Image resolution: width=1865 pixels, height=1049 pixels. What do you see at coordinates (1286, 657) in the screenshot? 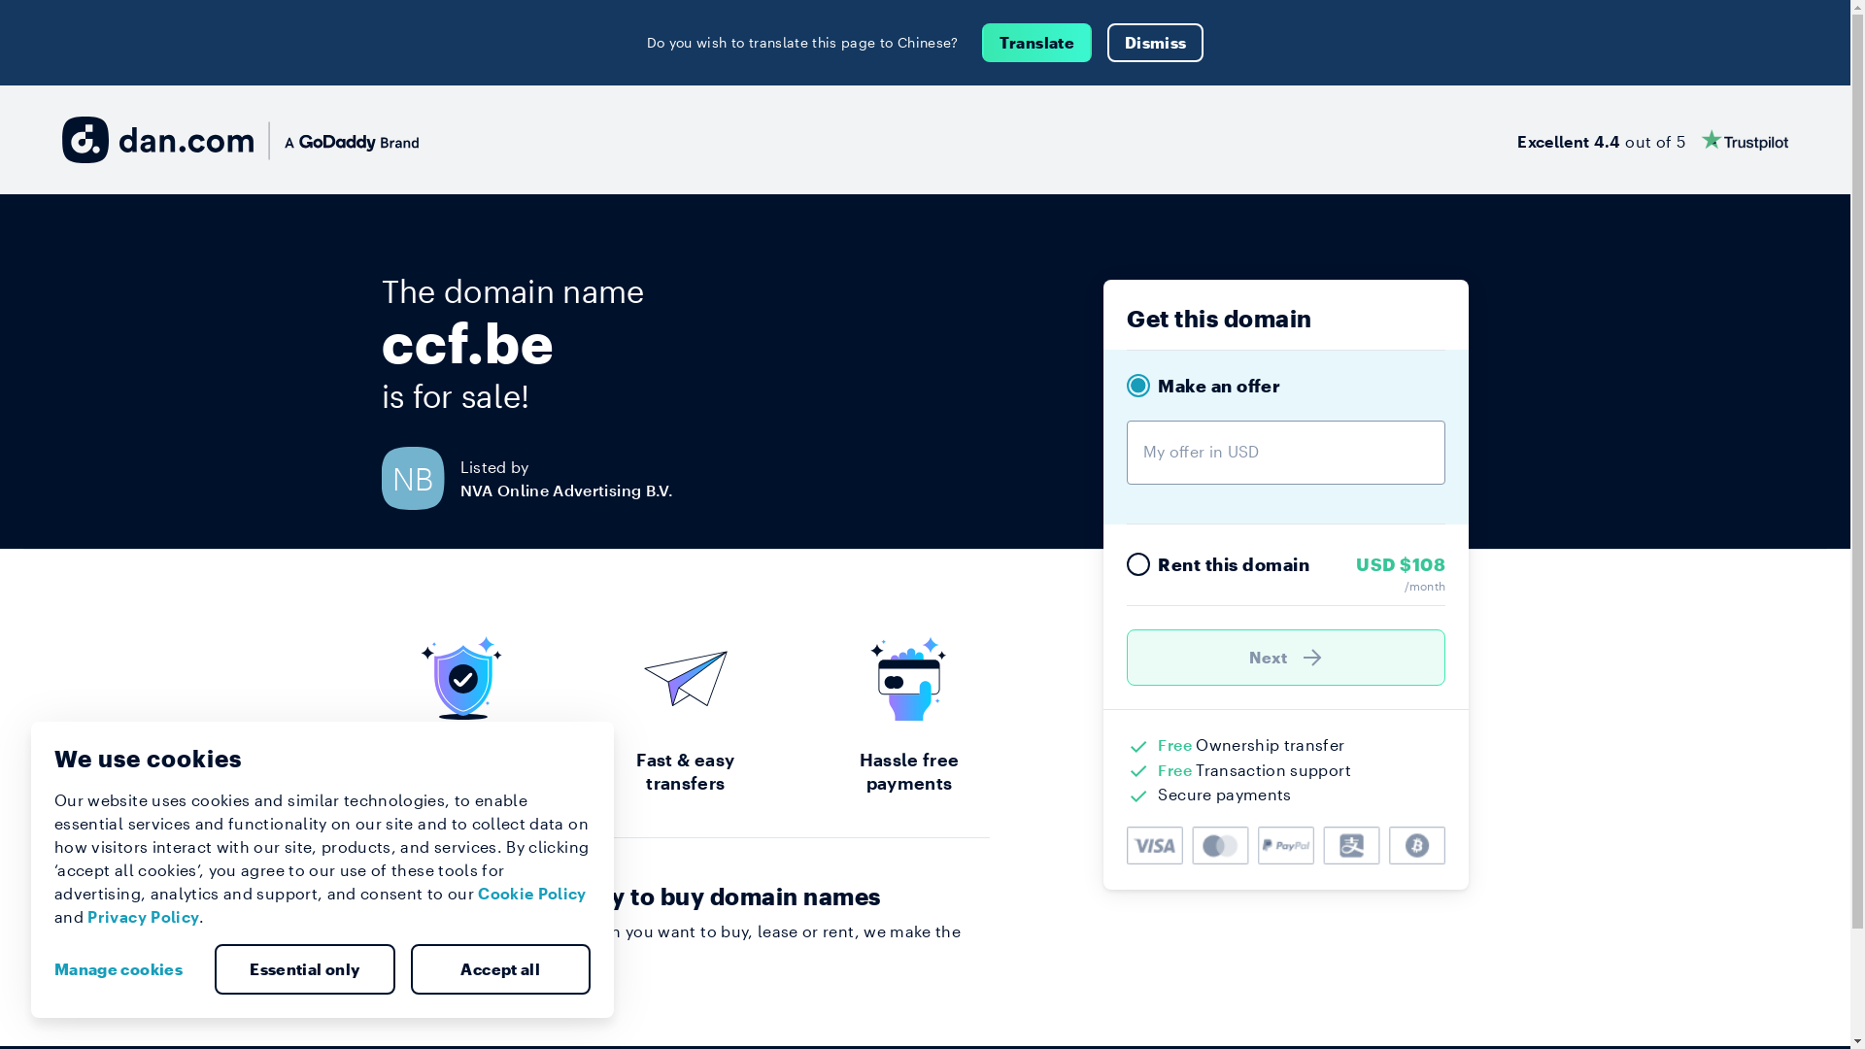
I see `'Next` at bounding box center [1286, 657].